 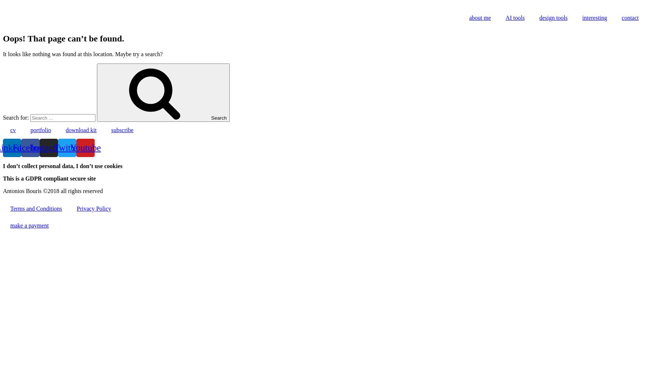 What do you see at coordinates (62, 165) in the screenshot?
I see `'I don’t collect personal data, I don’t use cookies'` at bounding box center [62, 165].